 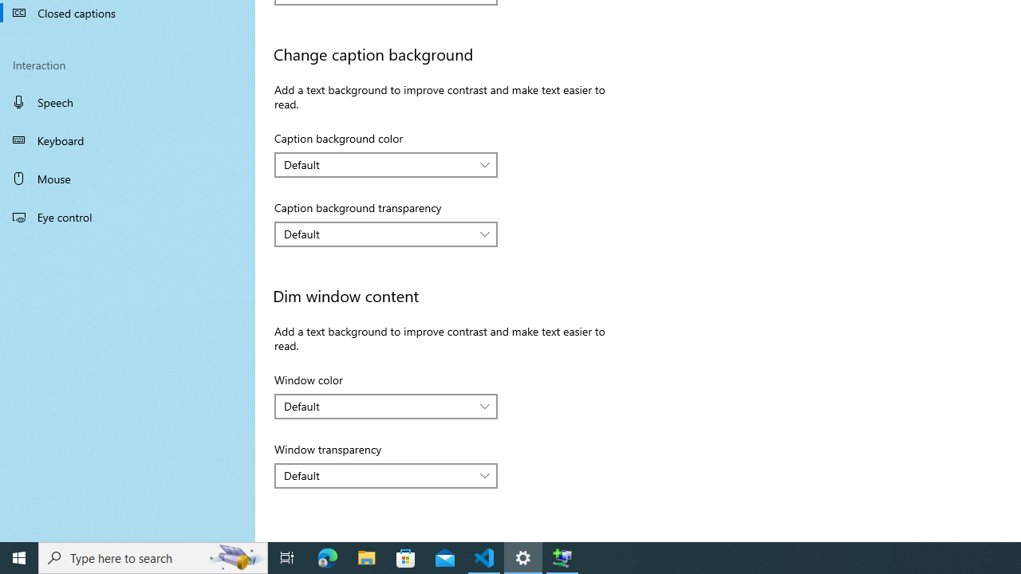 What do you see at coordinates (128, 178) in the screenshot?
I see `'Mouse'` at bounding box center [128, 178].